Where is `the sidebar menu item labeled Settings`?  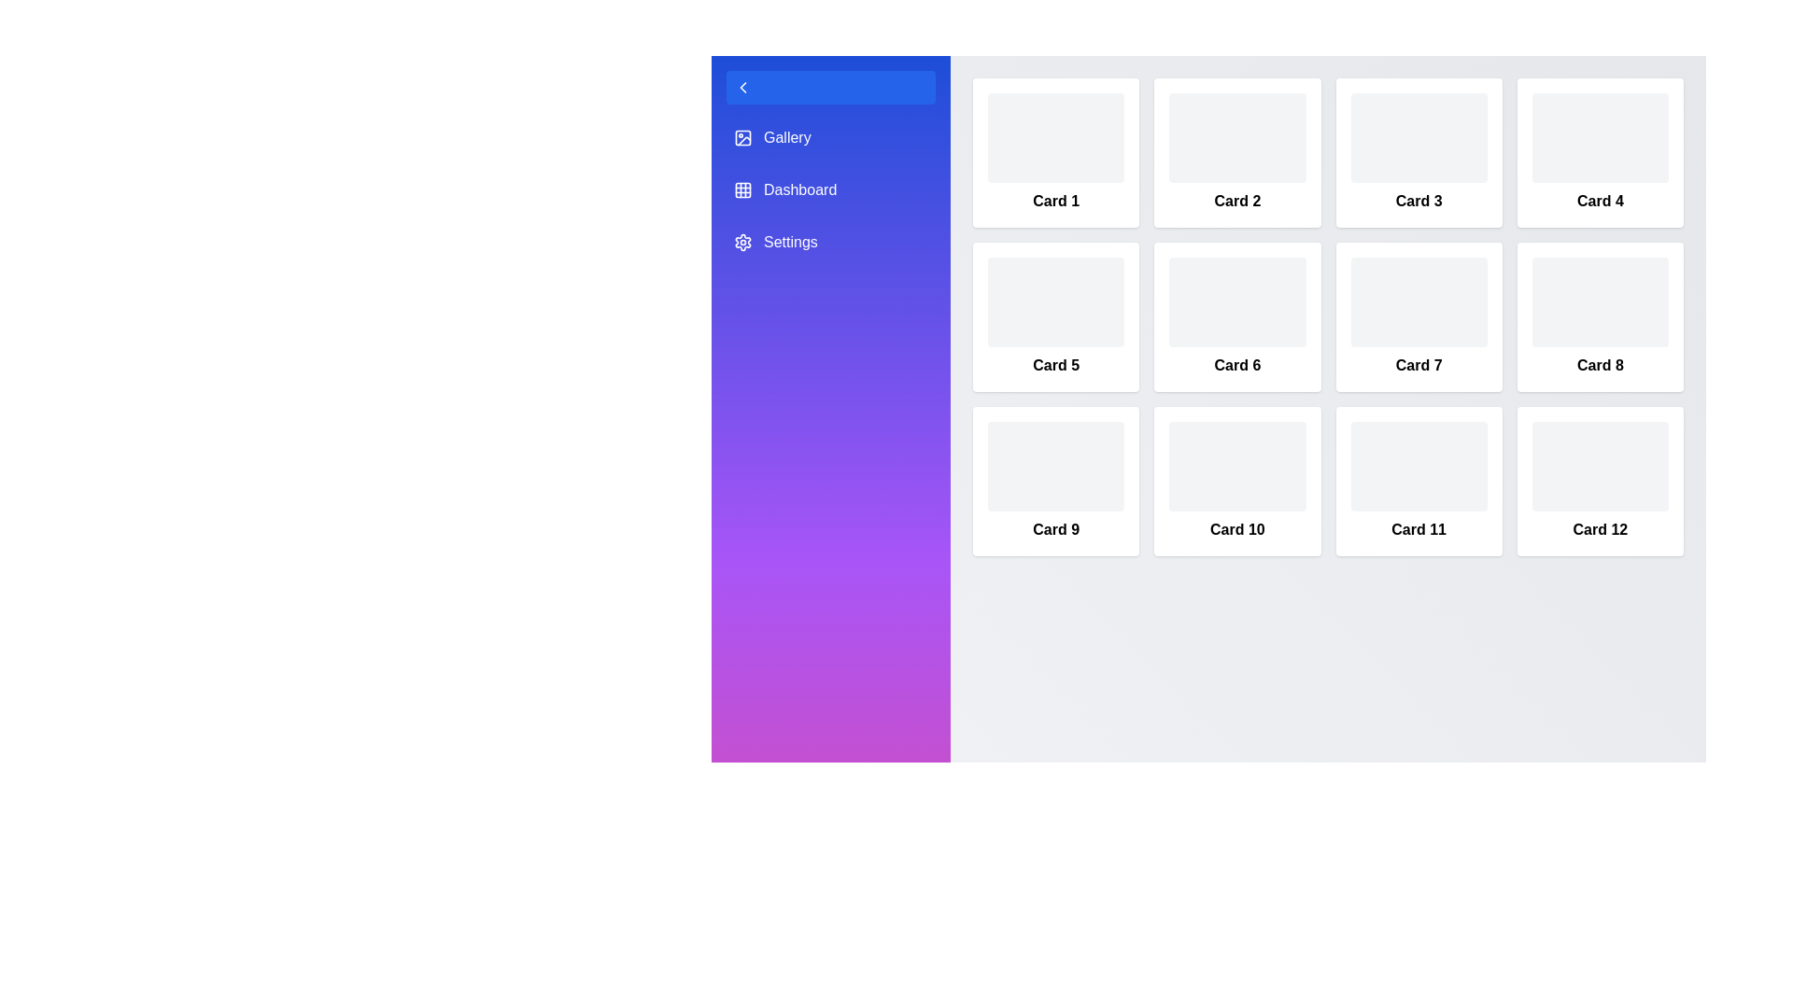 the sidebar menu item labeled Settings is located at coordinates (829, 241).